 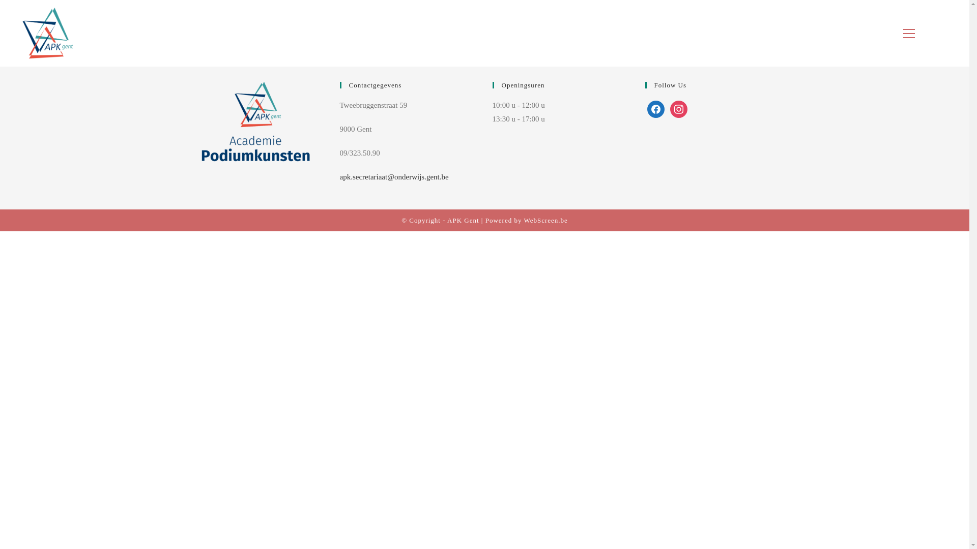 I want to click on 'WebScreen.be', so click(x=544, y=220).